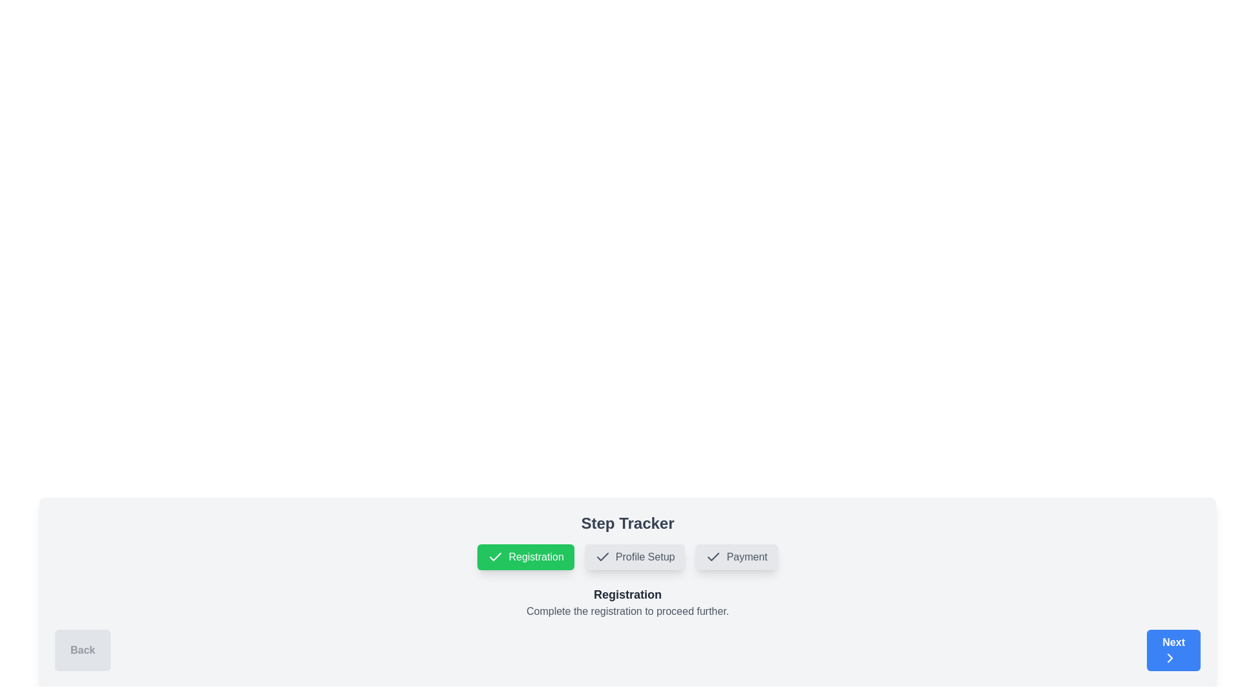  I want to click on the Text (Heading) element that serves as a title indicating the current step or context within the interface, located directly above the text 'Complete the registration to proceed further.', so click(627, 594).